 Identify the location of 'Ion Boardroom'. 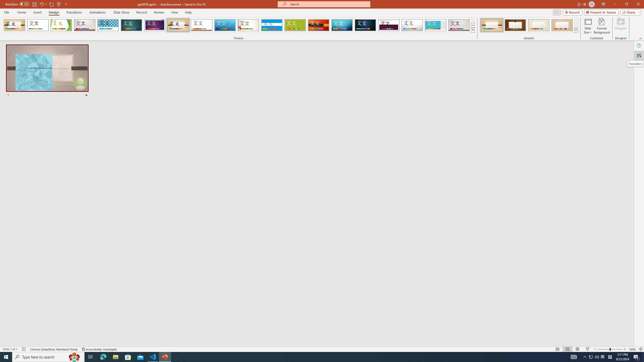
(155, 25).